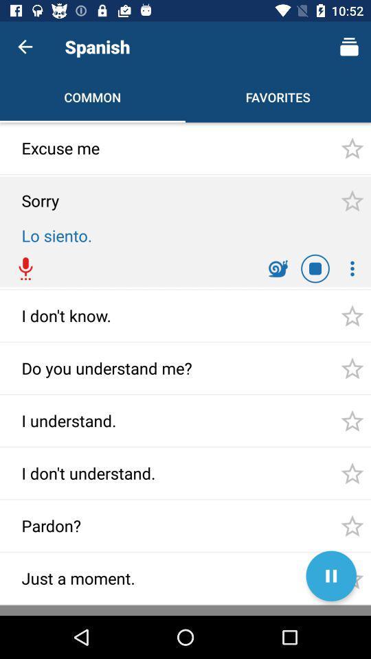 Image resolution: width=371 pixels, height=659 pixels. I want to click on the pause icon, so click(330, 576).